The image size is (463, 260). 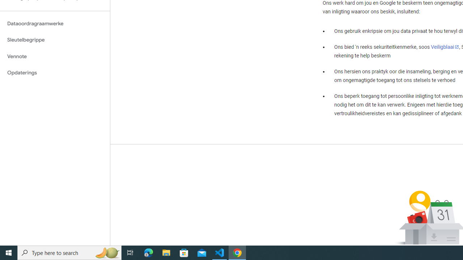 I want to click on 'Opdaterings', so click(x=55, y=73).